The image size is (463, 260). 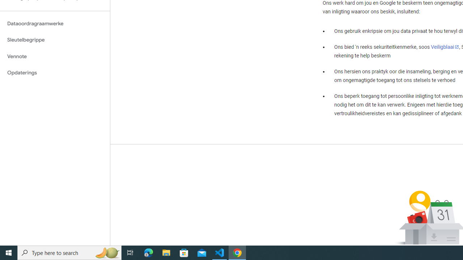 I want to click on 'Opdaterings', so click(x=55, y=73).